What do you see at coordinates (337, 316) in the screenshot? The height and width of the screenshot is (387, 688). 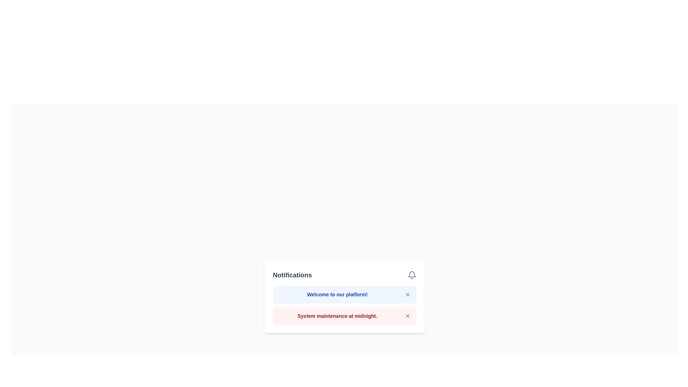 I see `text content of the notification message about scheduled system maintenance displayed in the middle of the notification box` at bounding box center [337, 316].